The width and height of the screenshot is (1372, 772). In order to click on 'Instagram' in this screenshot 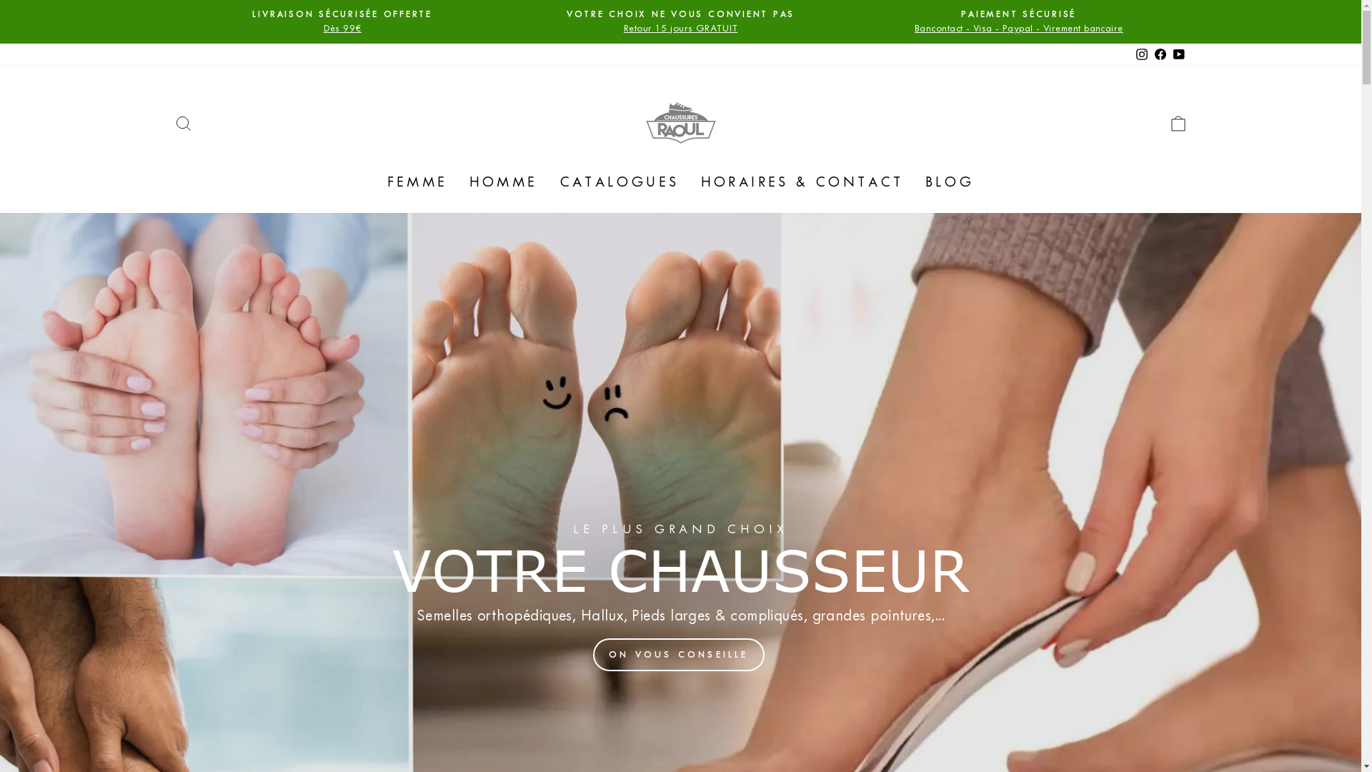, I will do `click(1140, 54)`.